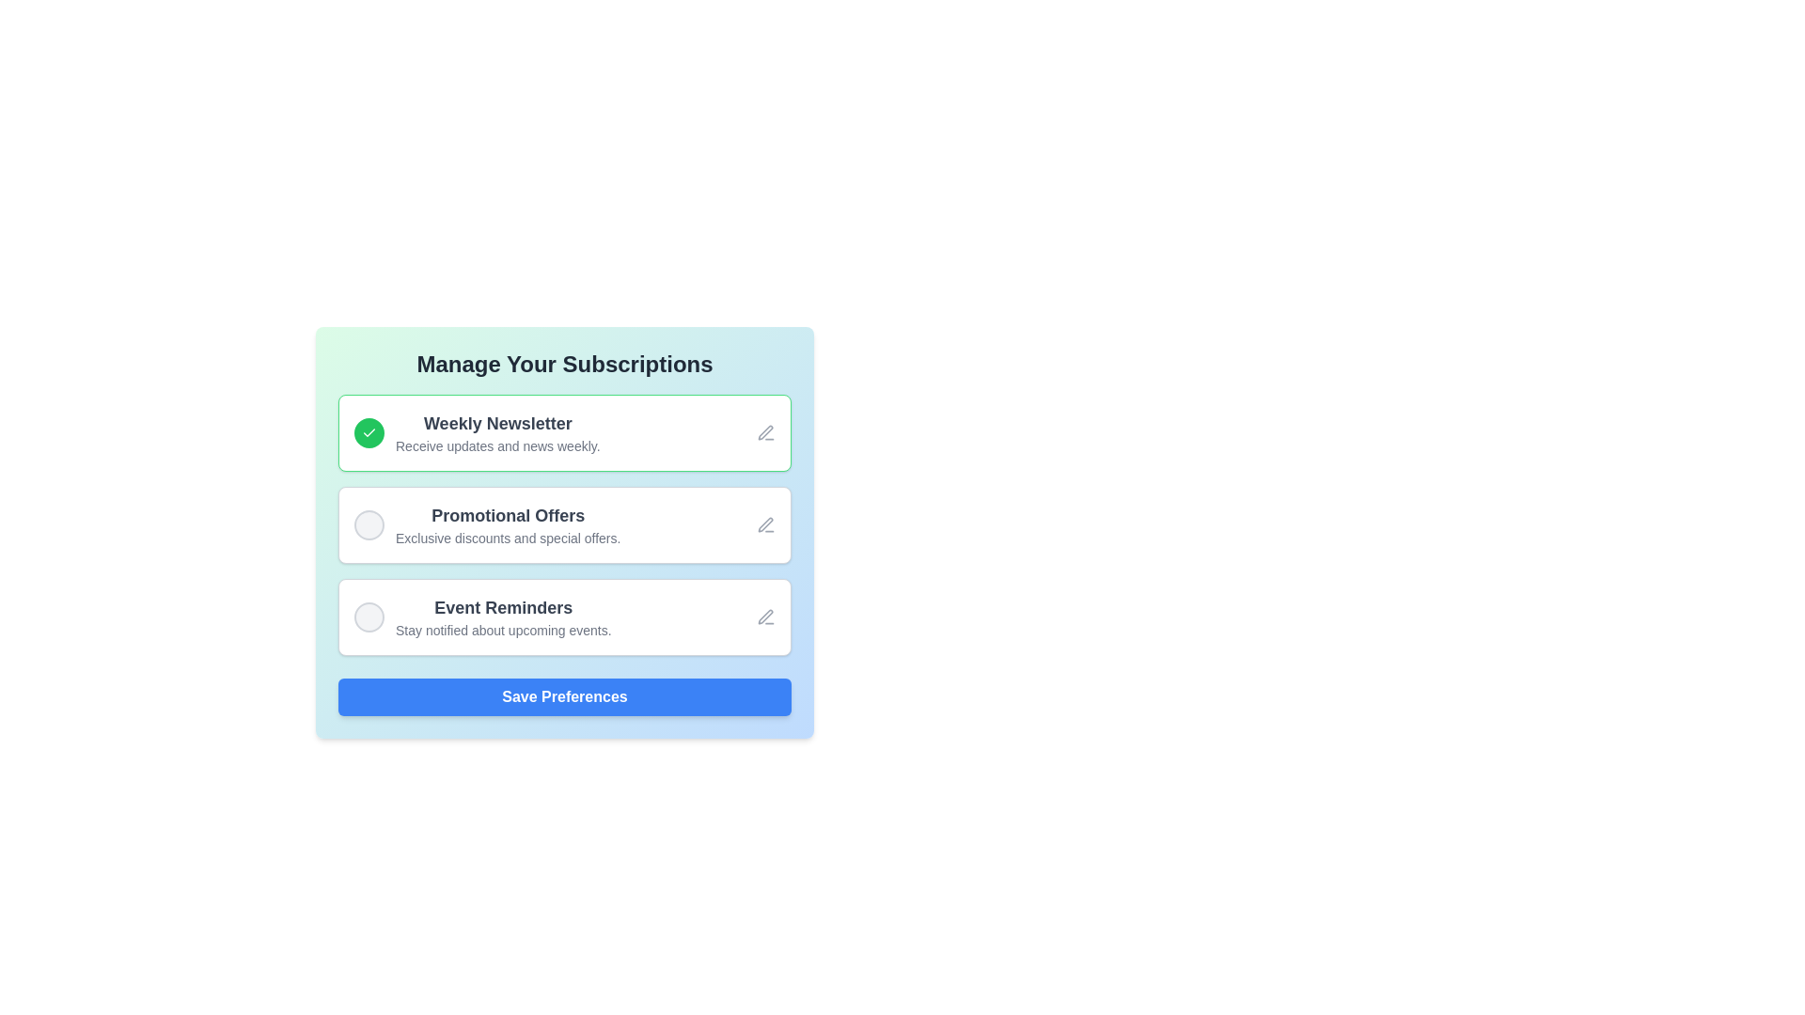 This screenshot has height=1015, width=1805. I want to click on on the subscription option for event reminders, which includes a circular selection indicator and an edit icon, located below 'Promotional Offers' and above the 'Save Preferences' button, so click(482, 617).